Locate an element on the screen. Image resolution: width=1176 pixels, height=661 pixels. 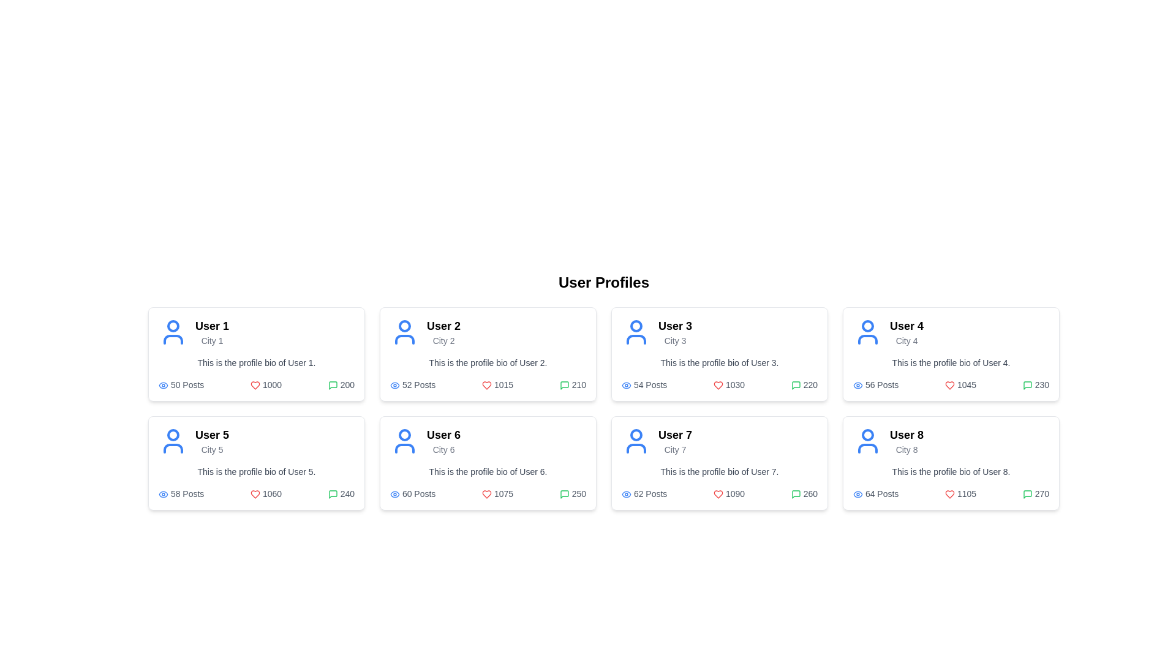
the body portion of the user profile icon representing 'User 1', which is depicted as an arc below the head shape in the profile card is located at coordinates (173, 340).